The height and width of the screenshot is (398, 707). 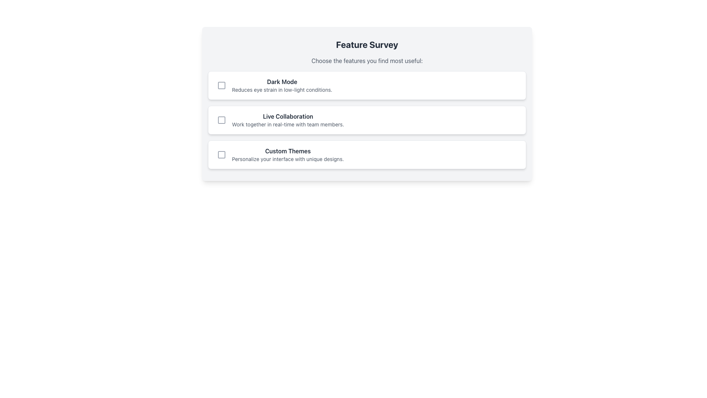 I want to click on the static text element that provides a descriptive subtitle for the 'Live Collaboration' feature, located below the heading text within a card-like UI component, so click(x=288, y=124).